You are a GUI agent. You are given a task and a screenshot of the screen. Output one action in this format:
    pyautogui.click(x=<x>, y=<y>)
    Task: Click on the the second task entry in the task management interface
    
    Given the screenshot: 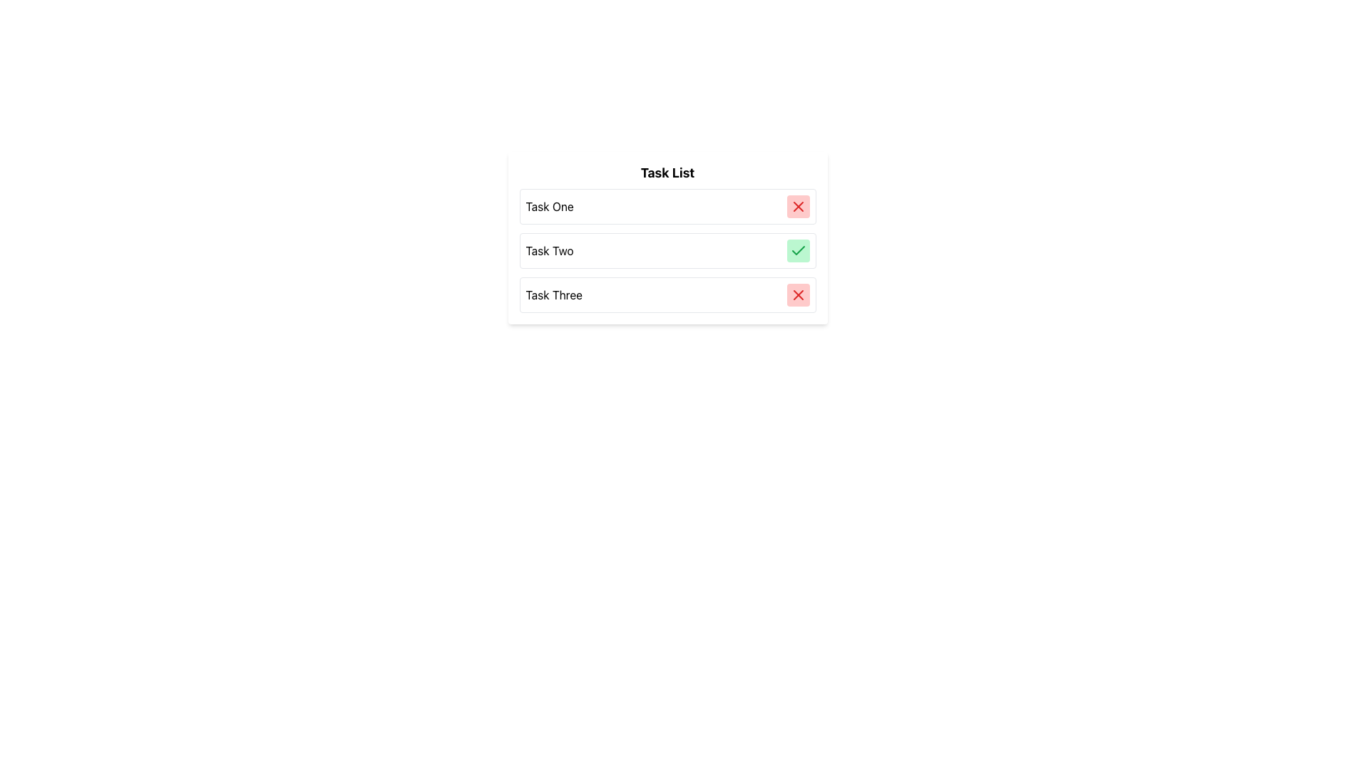 What is the action you would take?
    pyautogui.click(x=667, y=250)
    